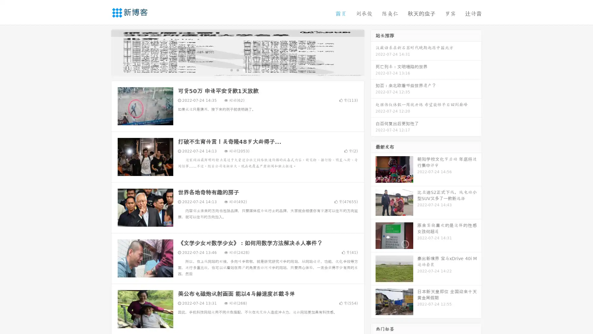 This screenshot has height=334, width=593. What do you see at coordinates (237, 70) in the screenshot?
I see `Go to slide 2` at bounding box center [237, 70].